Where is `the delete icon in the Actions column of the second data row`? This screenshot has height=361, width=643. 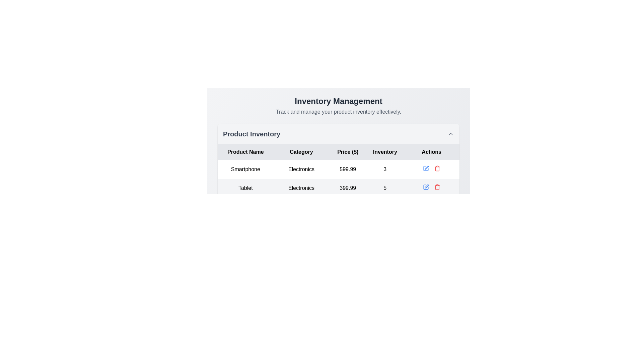 the delete icon in the Actions column of the second data row is located at coordinates (437, 187).